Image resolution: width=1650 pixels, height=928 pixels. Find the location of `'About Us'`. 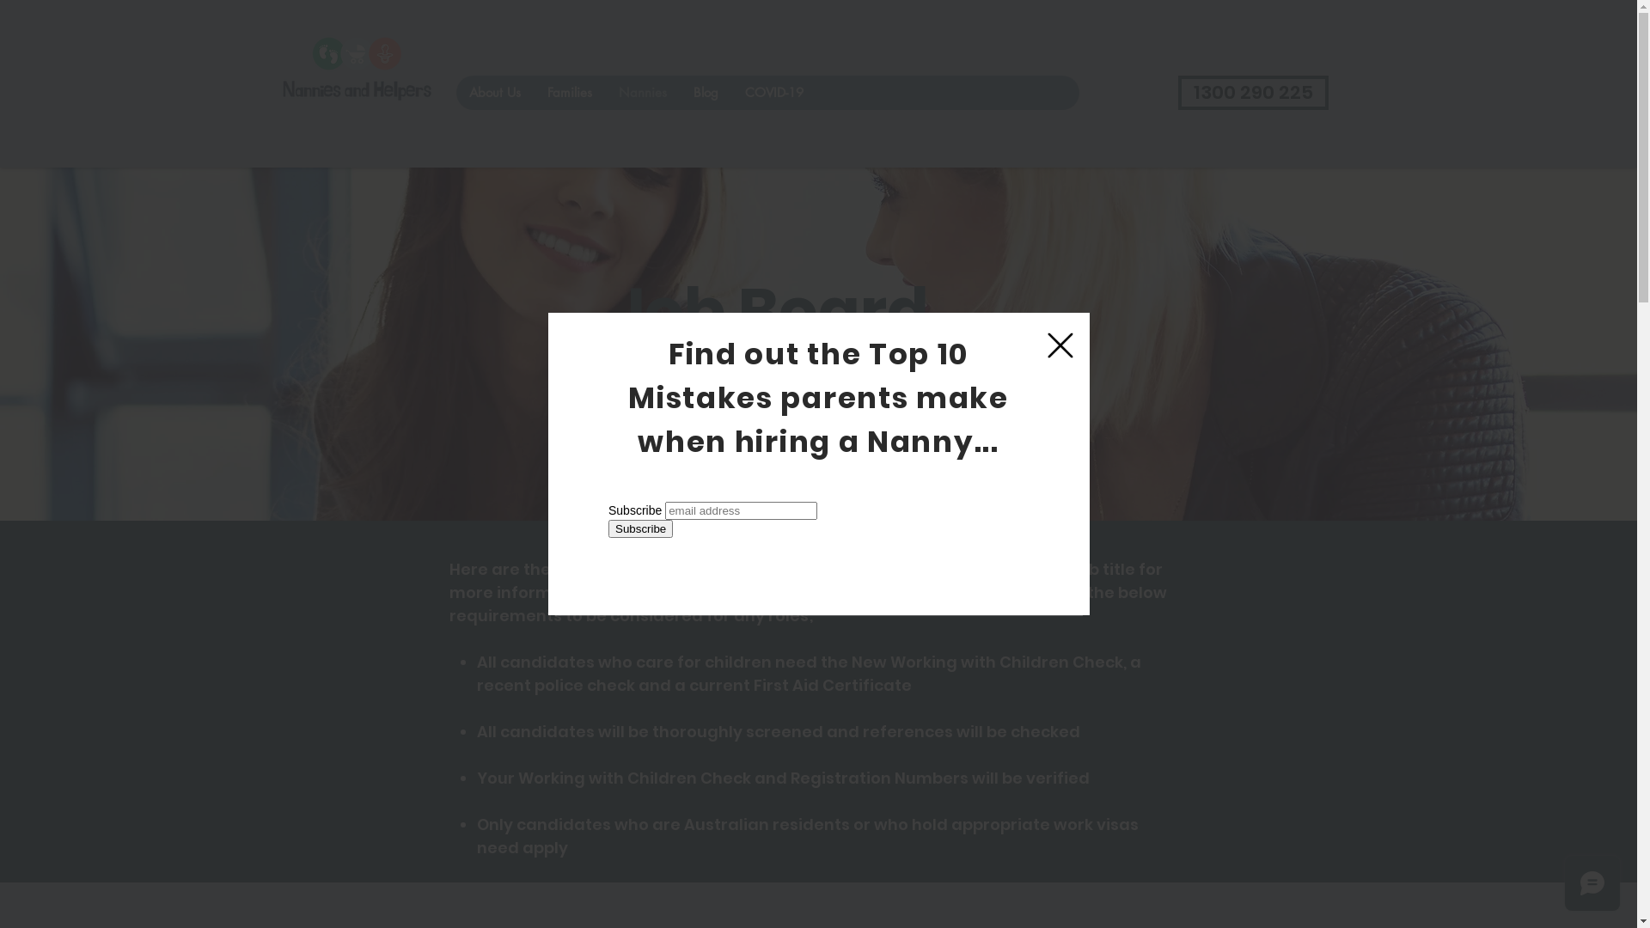

'About Us' is located at coordinates (493, 93).